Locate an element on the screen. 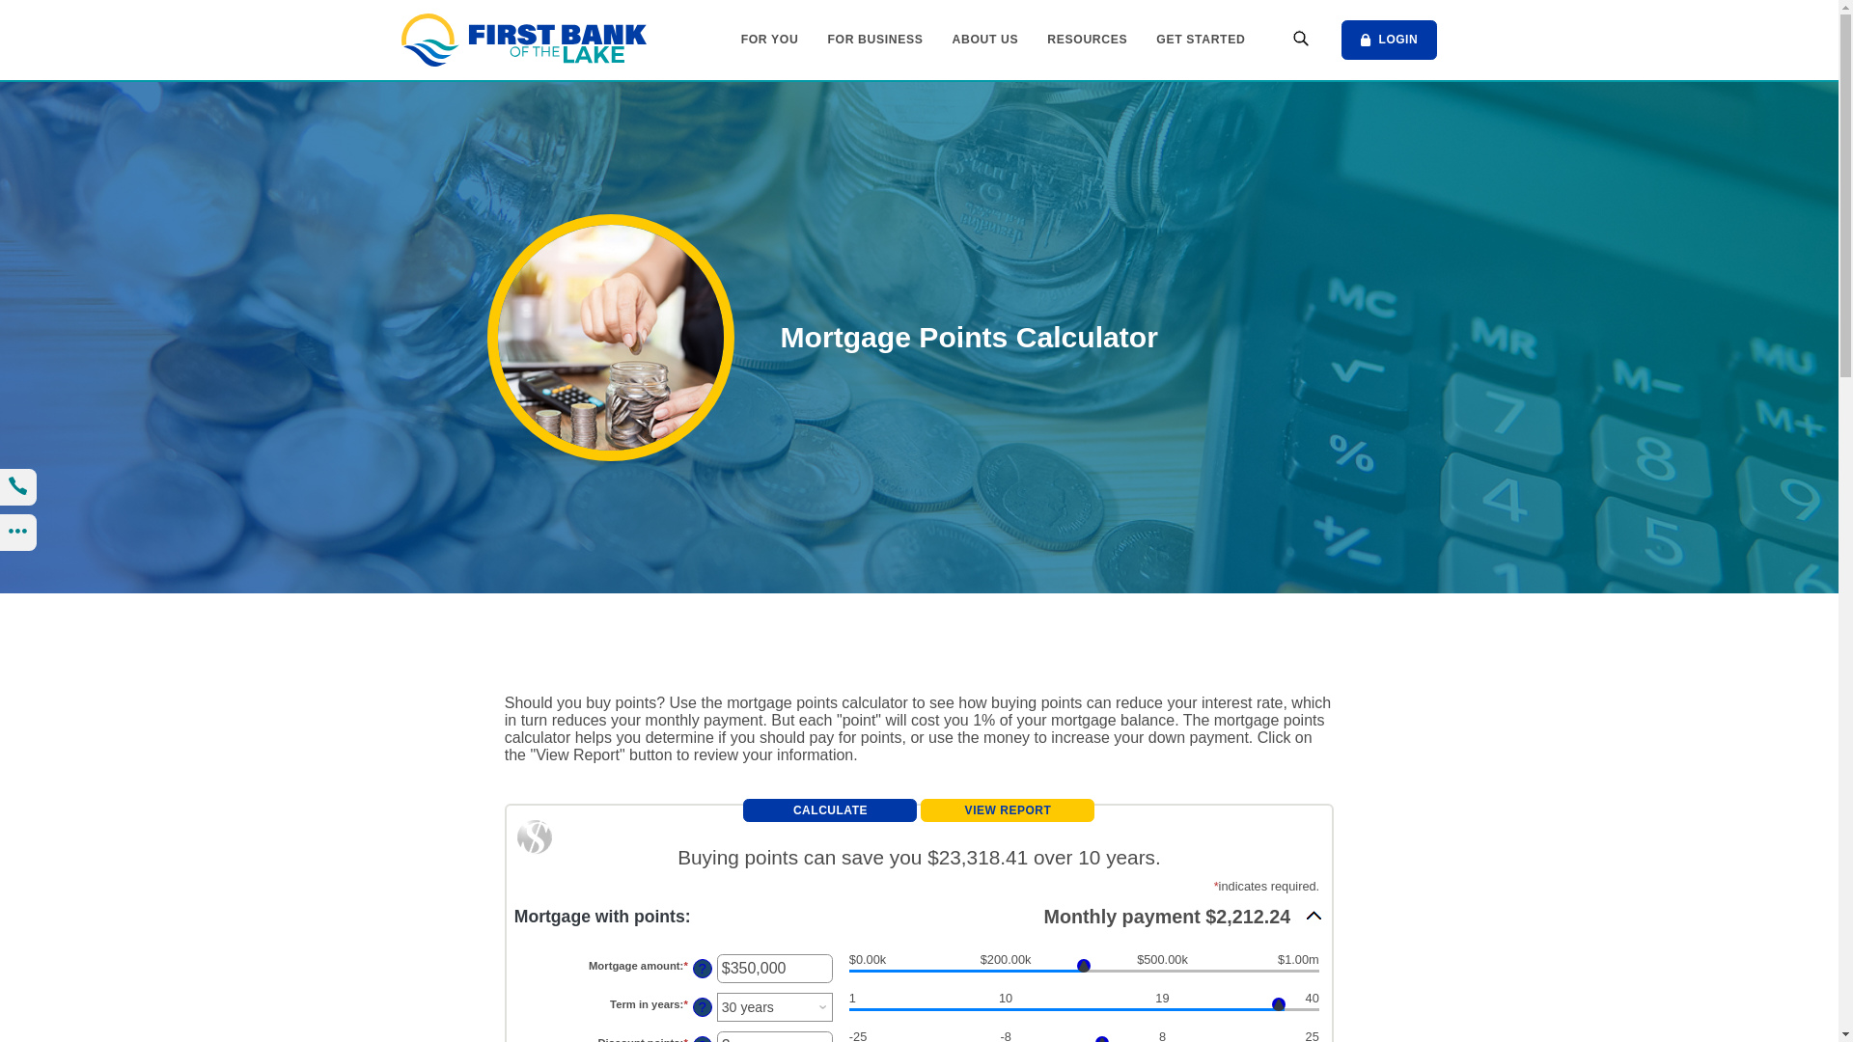  'Mortgage amount slider' is located at coordinates (1084, 973).